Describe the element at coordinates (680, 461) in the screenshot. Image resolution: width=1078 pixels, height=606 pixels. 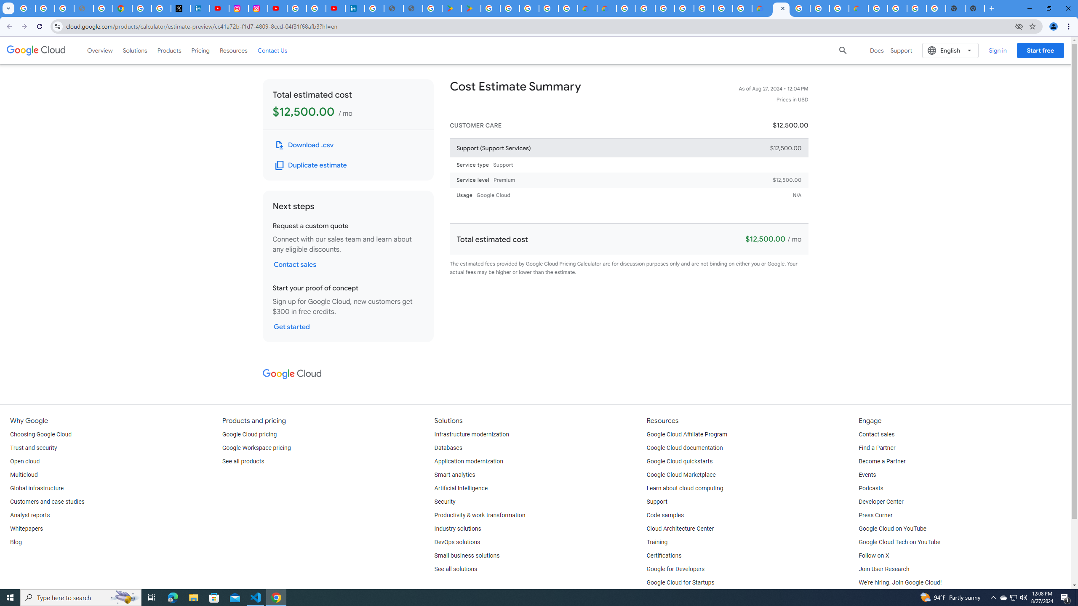
I see `'Google Cloud quickstarts'` at that location.